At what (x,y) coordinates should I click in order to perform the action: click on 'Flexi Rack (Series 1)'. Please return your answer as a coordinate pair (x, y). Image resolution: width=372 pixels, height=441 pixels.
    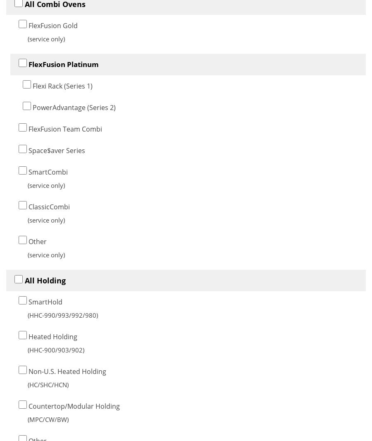
    Looking at the image, I should click on (62, 85).